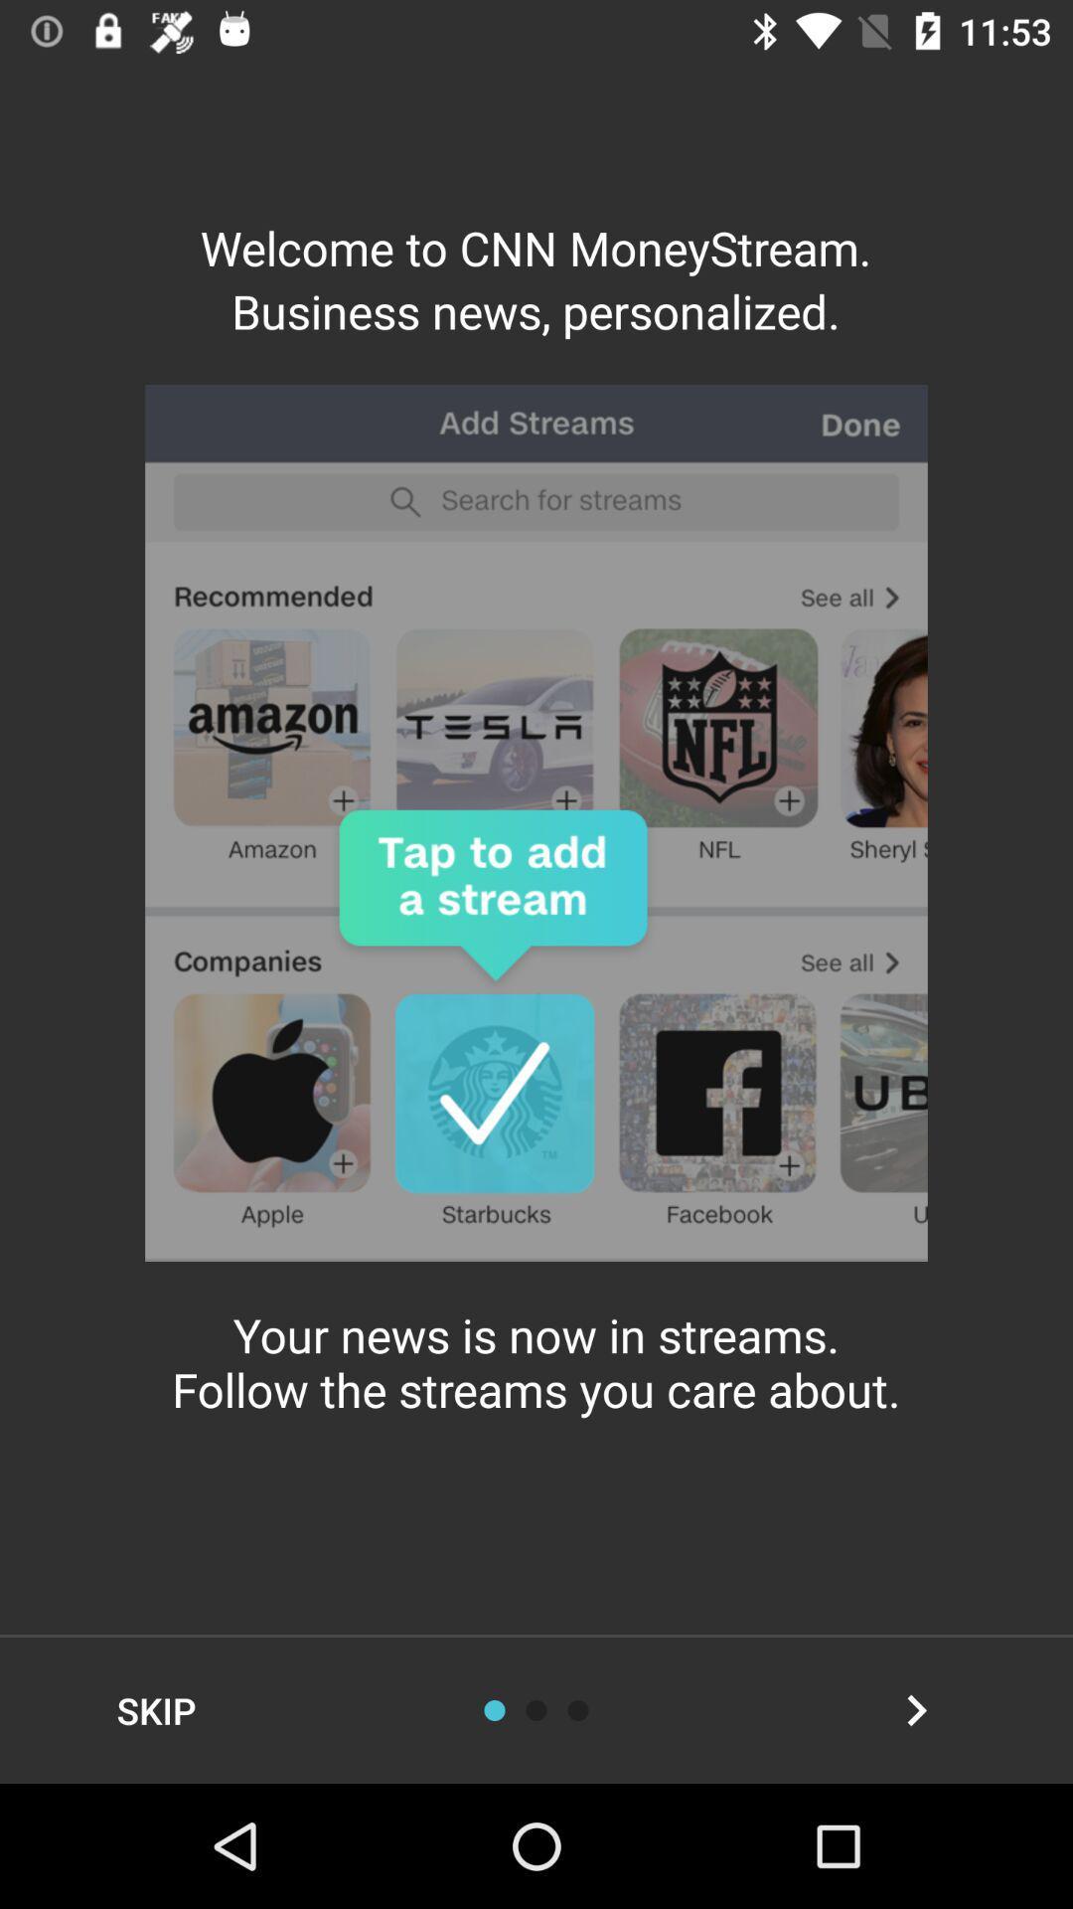 This screenshot has width=1073, height=1909. Describe the element at coordinates (578, 1709) in the screenshot. I see `scroll` at that location.